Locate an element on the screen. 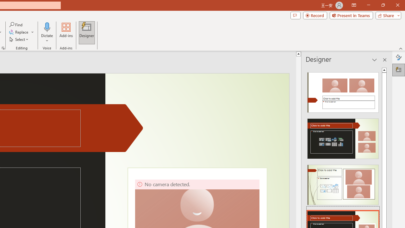  'Close pane' is located at coordinates (384, 60).